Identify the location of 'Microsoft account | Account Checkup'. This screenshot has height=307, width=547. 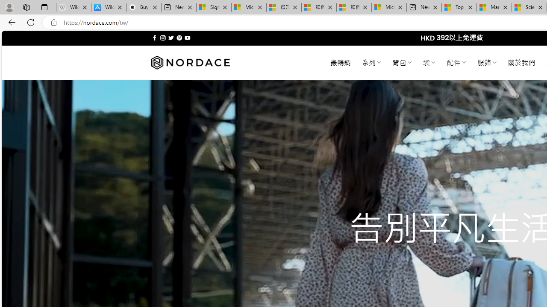
(388, 7).